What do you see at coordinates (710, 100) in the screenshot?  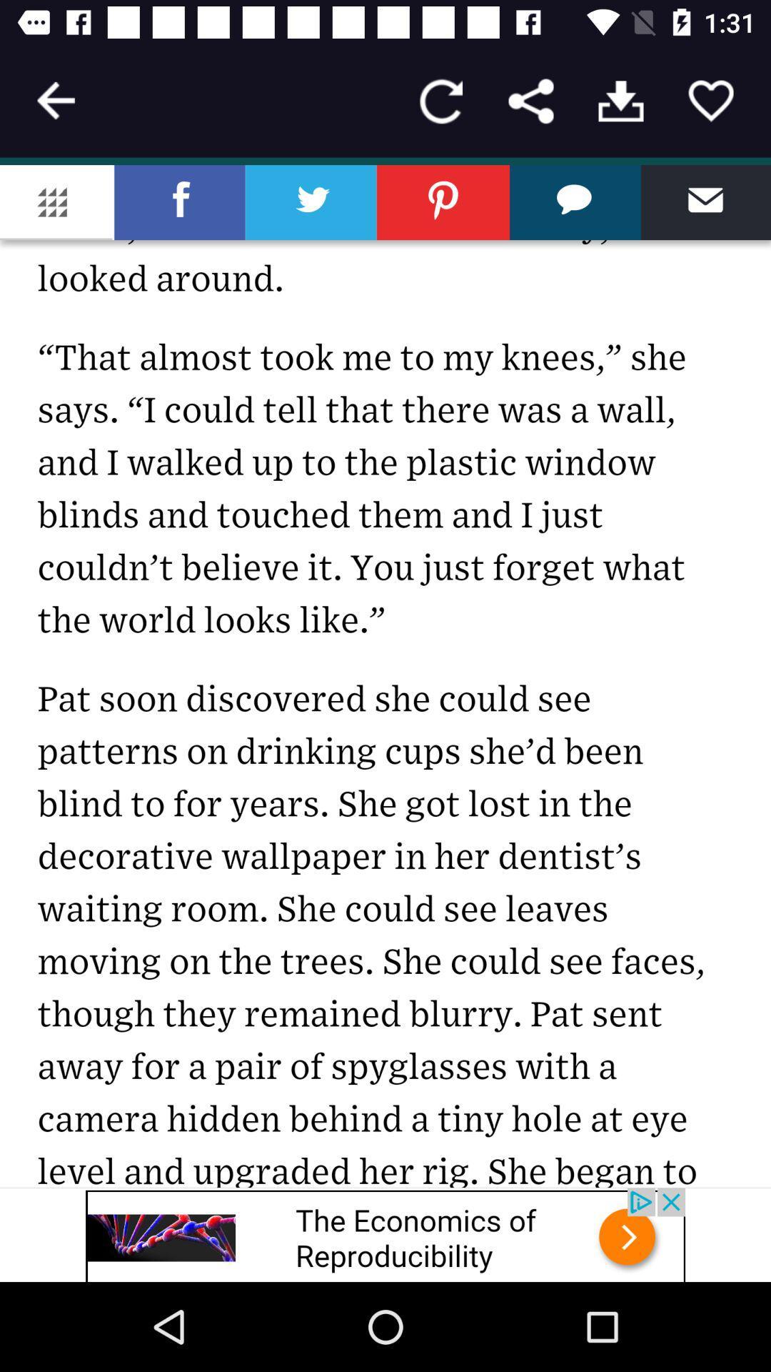 I see `the favorite icon` at bounding box center [710, 100].